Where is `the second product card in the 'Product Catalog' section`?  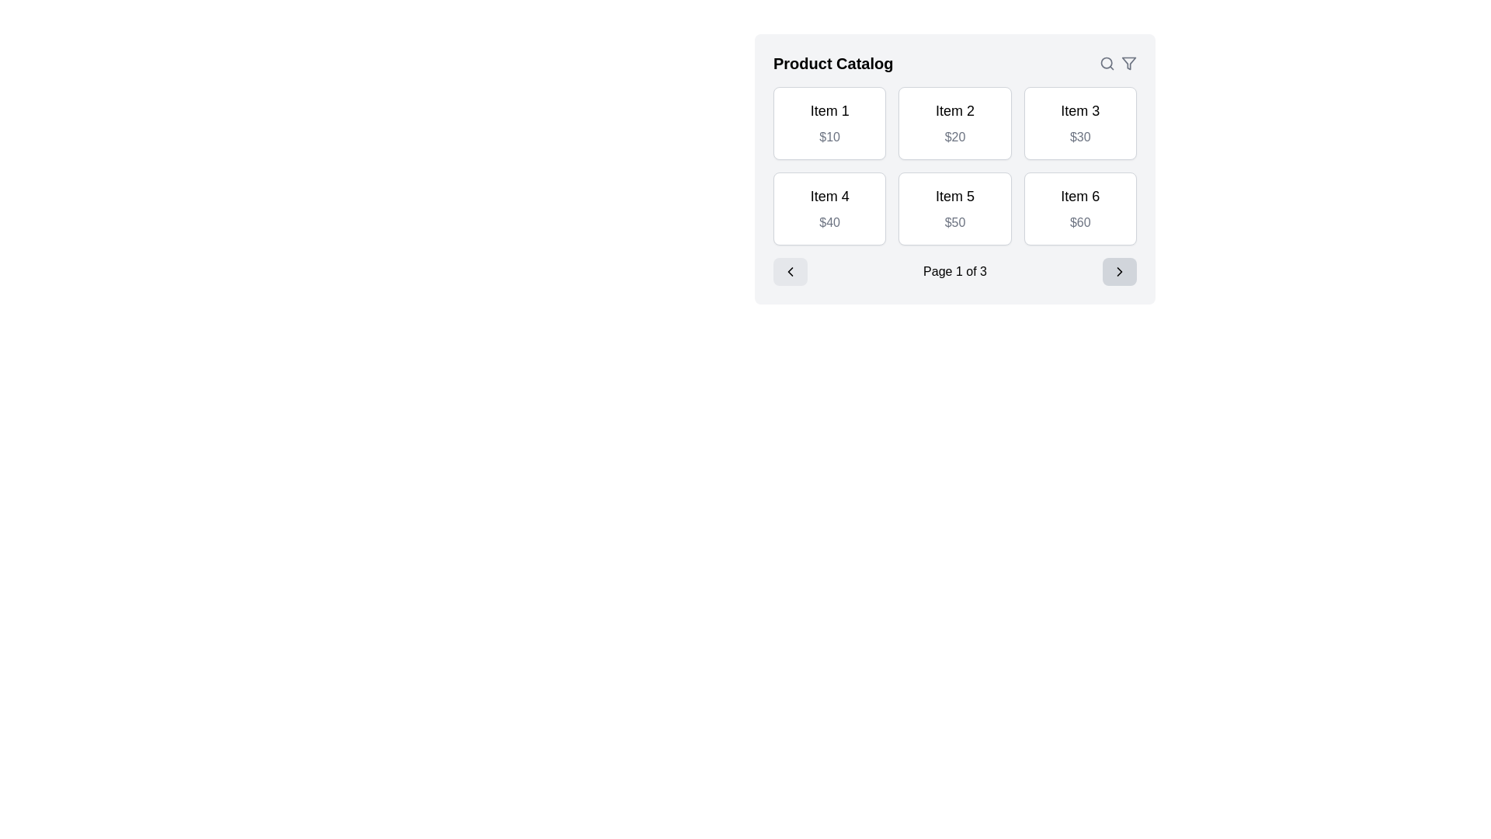 the second product card in the 'Product Catalog' section is located at coordinates (954, 122).